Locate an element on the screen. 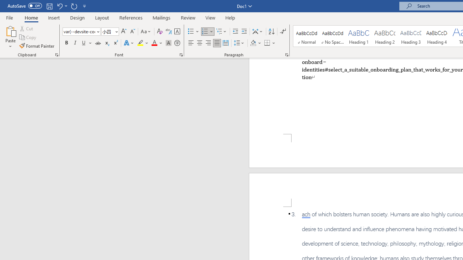 This screenshot has width=463, height=260. 'Sort...' is located at coordinates (271, 31).